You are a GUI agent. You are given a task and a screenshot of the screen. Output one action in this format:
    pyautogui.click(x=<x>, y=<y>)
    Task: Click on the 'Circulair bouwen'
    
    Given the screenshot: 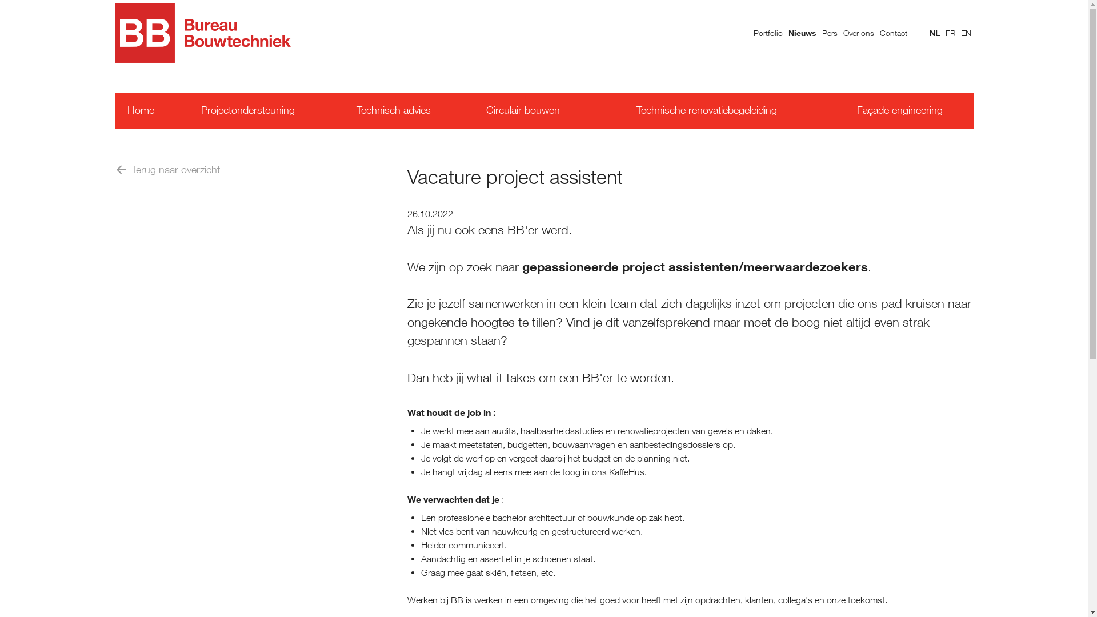 What is the action you would take?
    pyautogui.click(x=486, y=110)
    